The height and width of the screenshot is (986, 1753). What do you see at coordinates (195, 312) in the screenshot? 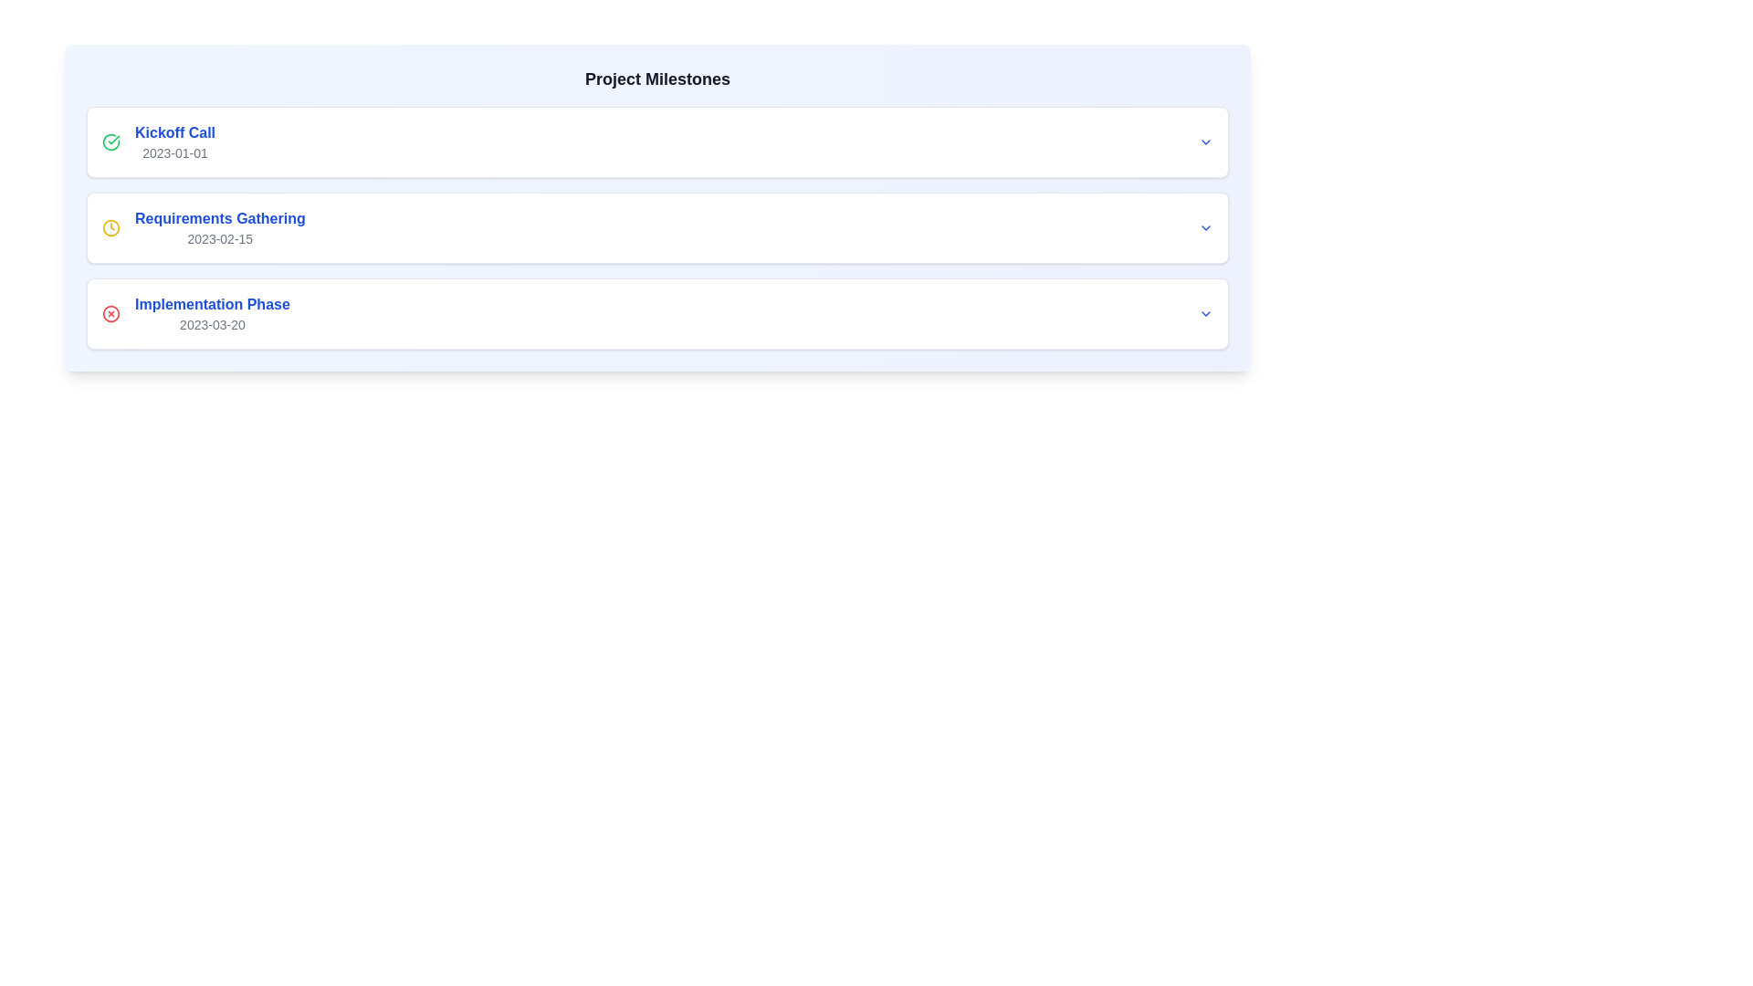
I see `text displayed in the milestone label marking the implementation phase of the project, which is the third item in a vertically stacked list, positioned below 'Requirements Gathering'` at bounding box center [195, 312].